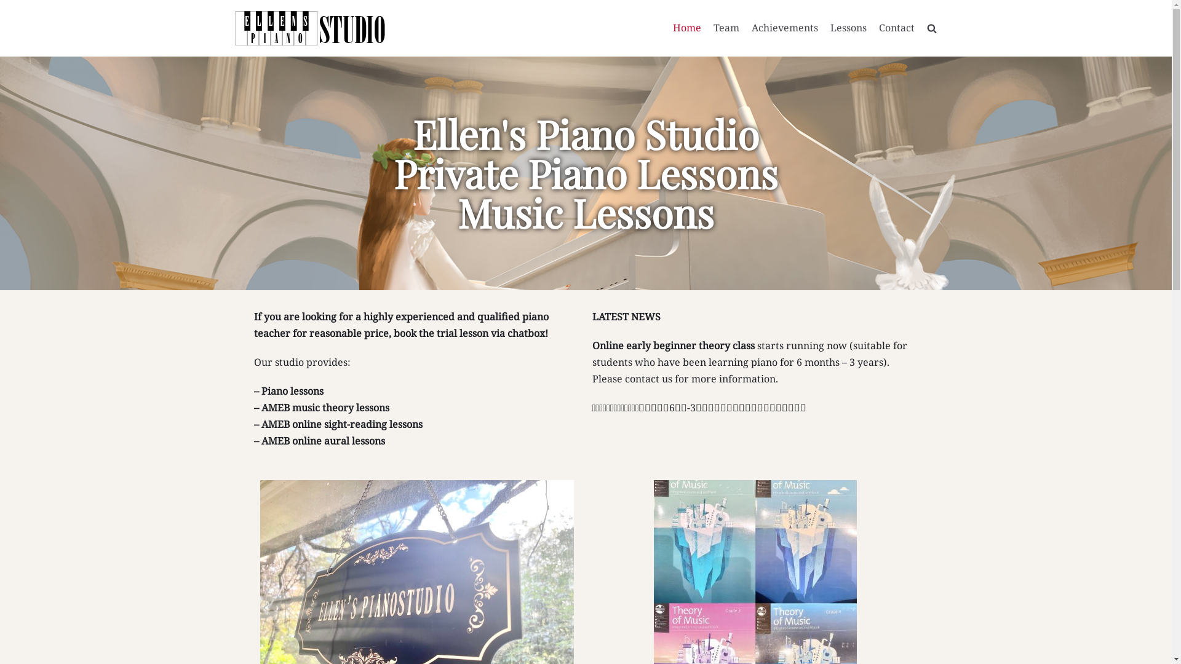 This screenshot has width=1181, height=664. What do you see at coordinates (12, 6) in the screenshot?
I see `'Skip to content'` at bounding box center [12, 6].